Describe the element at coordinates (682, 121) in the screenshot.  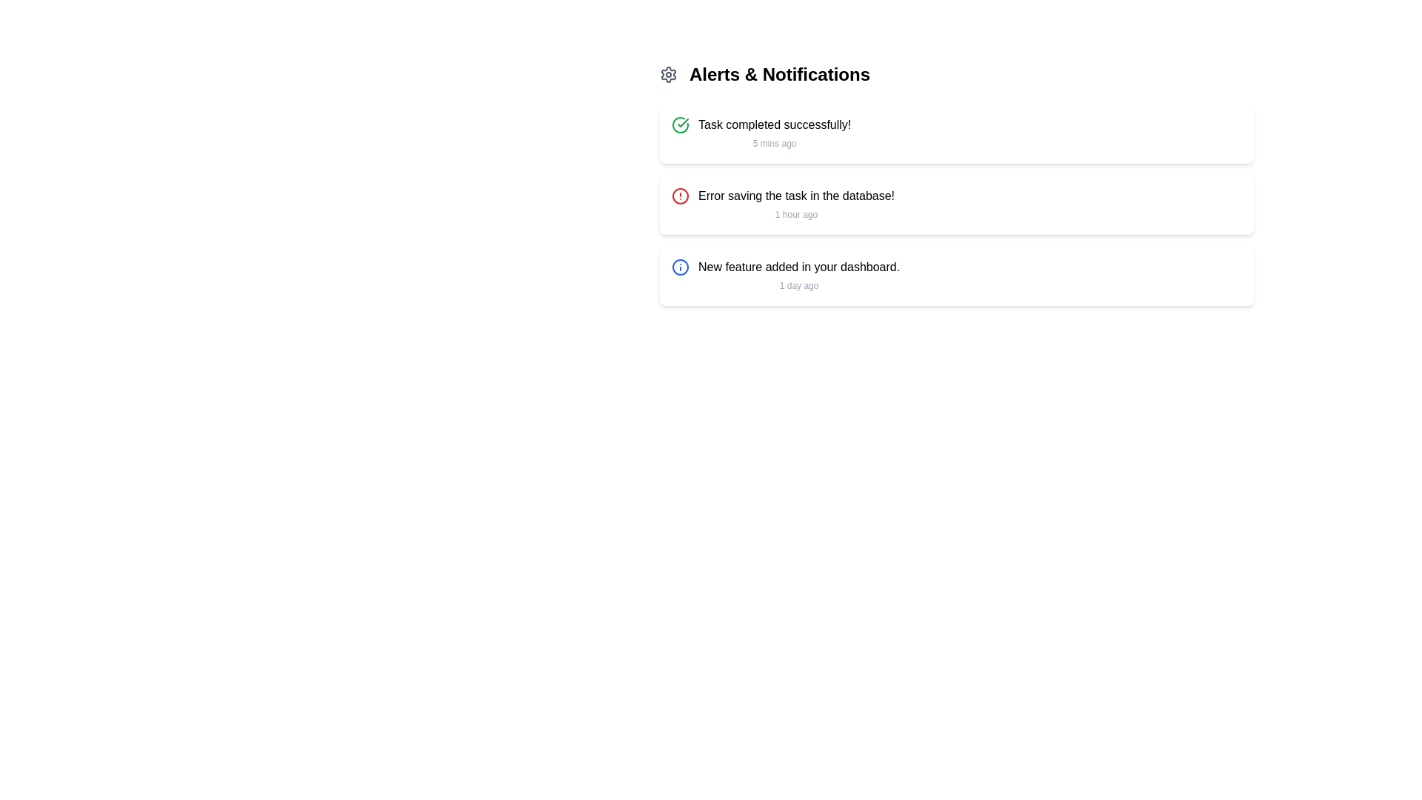
I see `properties of the checkmark symbol within the green circle icon indicating 'Task completed successfully!'` at that location.